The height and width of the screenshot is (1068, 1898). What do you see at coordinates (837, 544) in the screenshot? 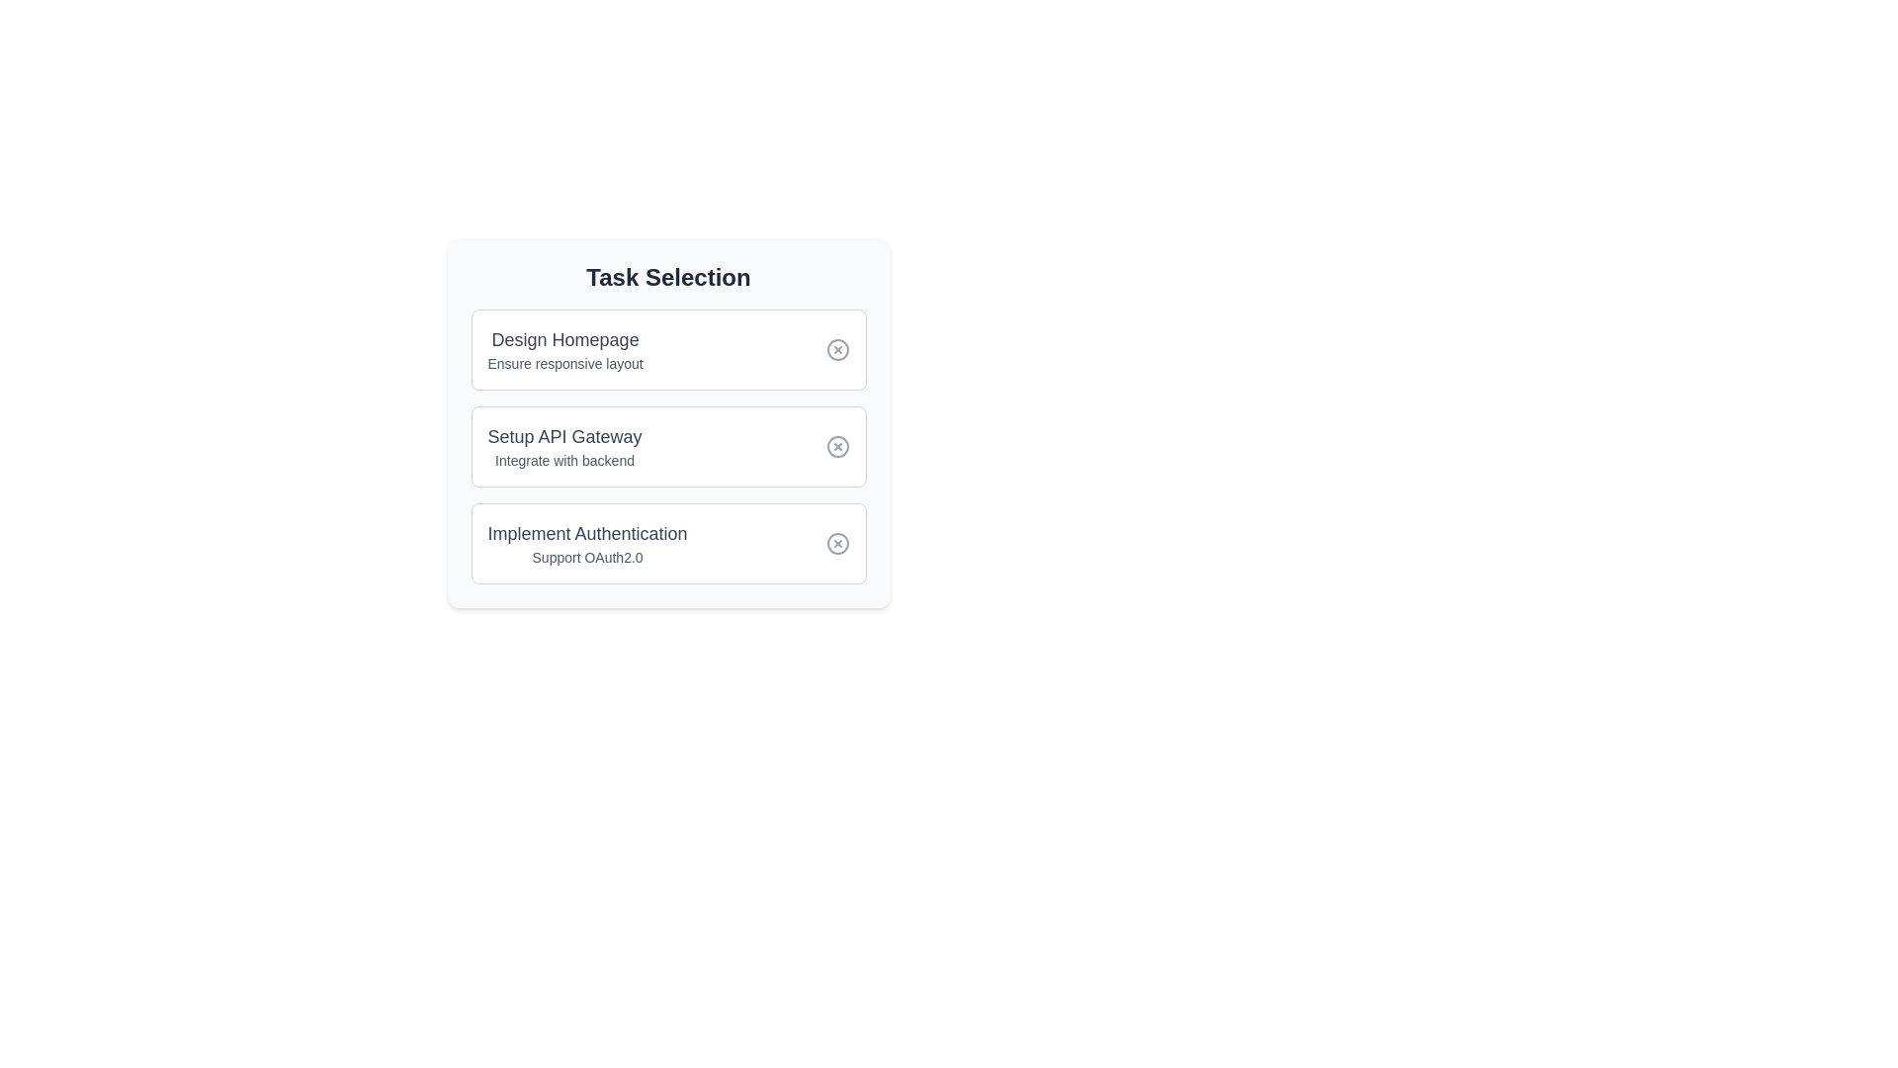
I see `the Circular Icon on the far-right of the 'Implement Authentication' task row` at bounding box center [837, 544].